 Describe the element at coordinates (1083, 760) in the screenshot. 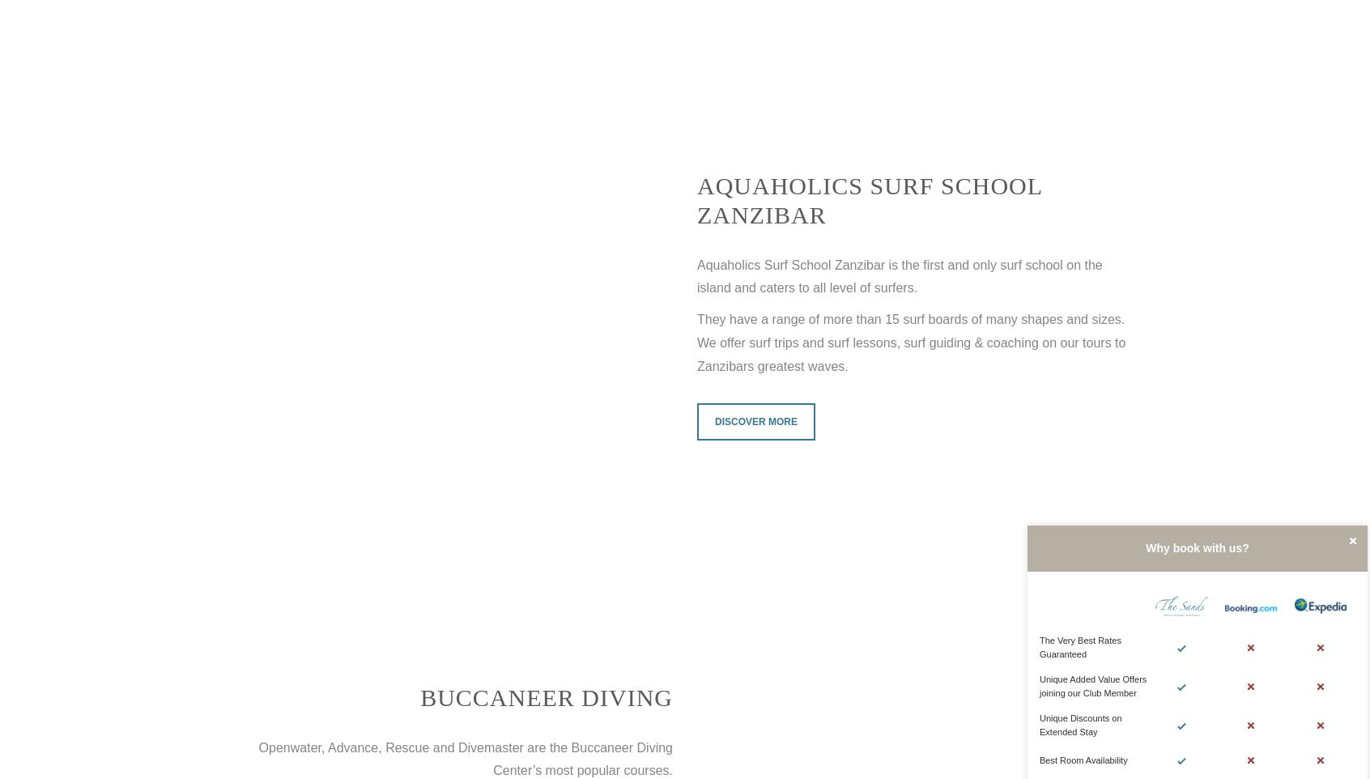

I see `'Best Room Availability'` at that location.